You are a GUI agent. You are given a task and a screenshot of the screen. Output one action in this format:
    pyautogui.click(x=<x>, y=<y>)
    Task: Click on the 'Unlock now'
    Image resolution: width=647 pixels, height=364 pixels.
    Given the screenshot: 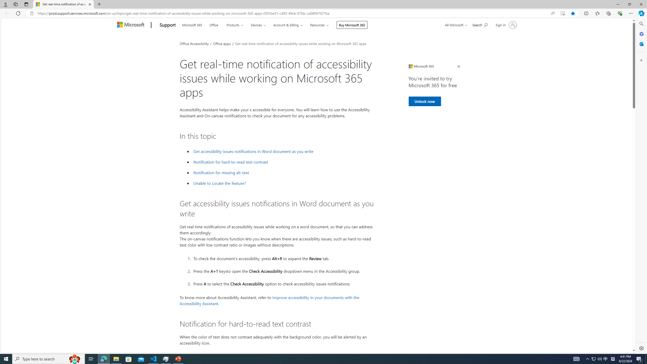 What is the action you would take?
    pyautogui.click(x=424, y=101)
    